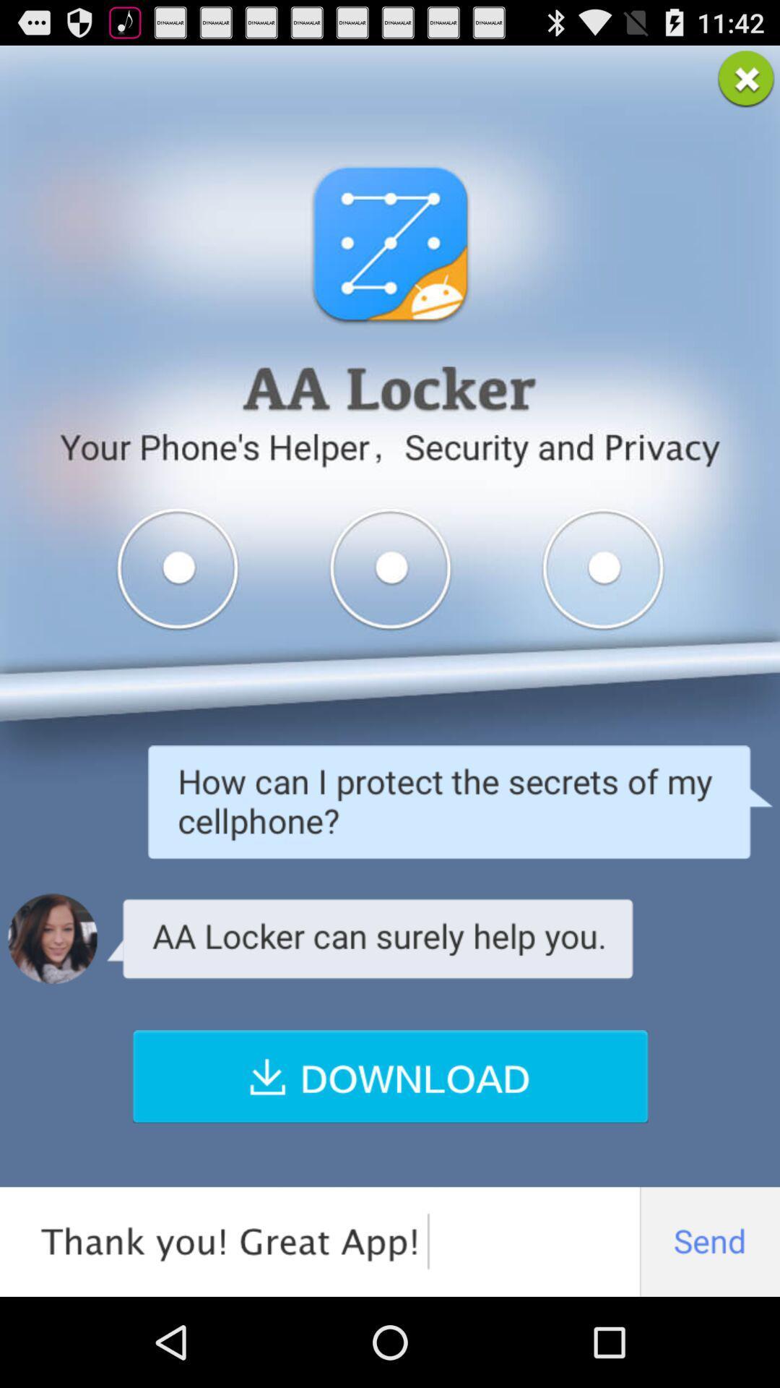 This screenshot has width=780, height=1388. What do you see at coordinates (746, 78) in the screenshot?
I see `screen` at bounding box center [746, 78].